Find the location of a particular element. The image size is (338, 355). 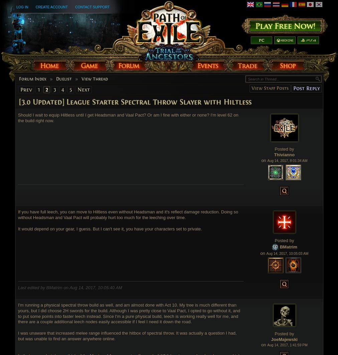

'Next' is located at coordinates (83, 89).